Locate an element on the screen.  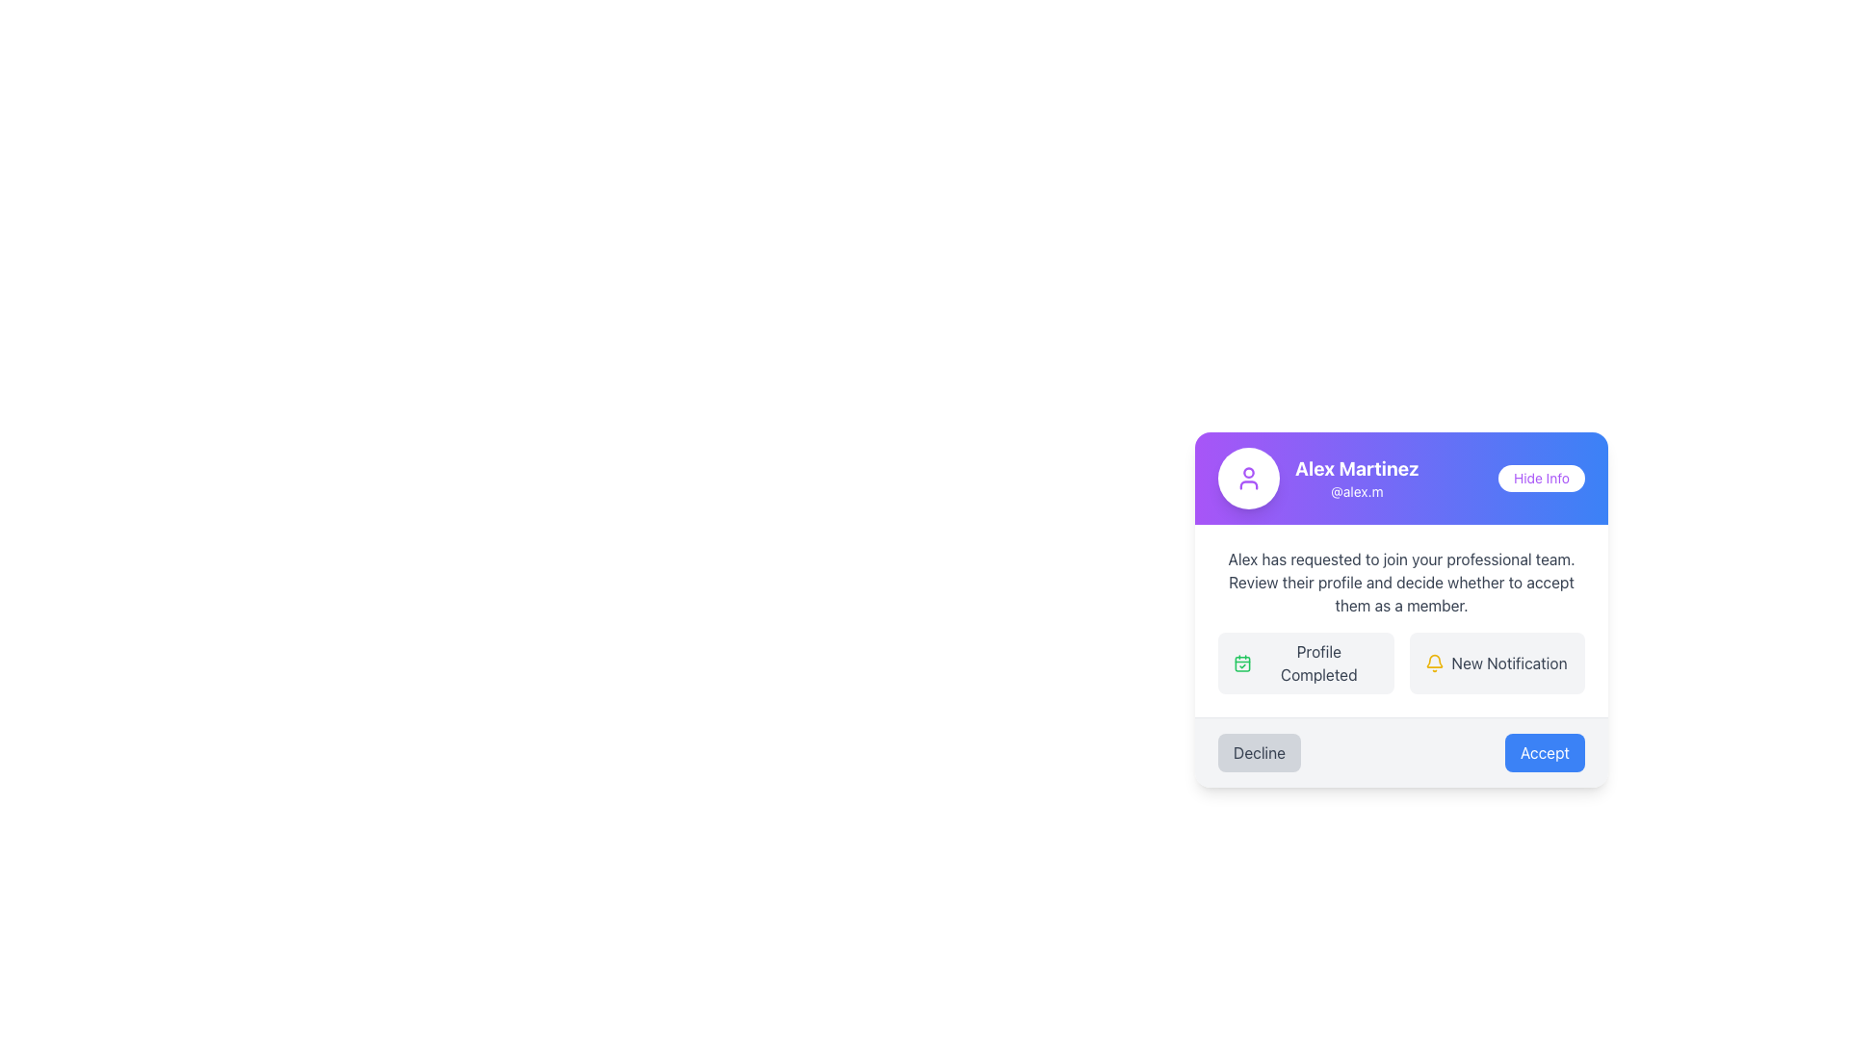
text label displaying 'Profile Completed' which is located to the right of a green calendar icon in a horizontally oriented layout is located at coordinates (1317, 663).